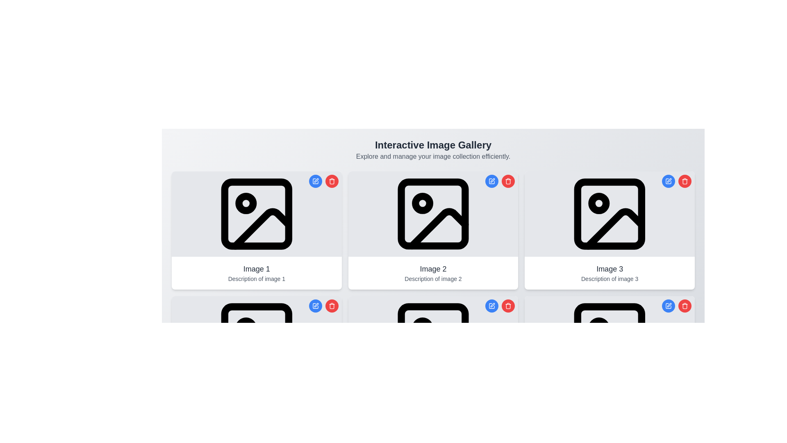 The image size is (787, 443). I want to click on the button with a pen icon located at the top-left corner of the 'Image 2' card, so click(492, 181).